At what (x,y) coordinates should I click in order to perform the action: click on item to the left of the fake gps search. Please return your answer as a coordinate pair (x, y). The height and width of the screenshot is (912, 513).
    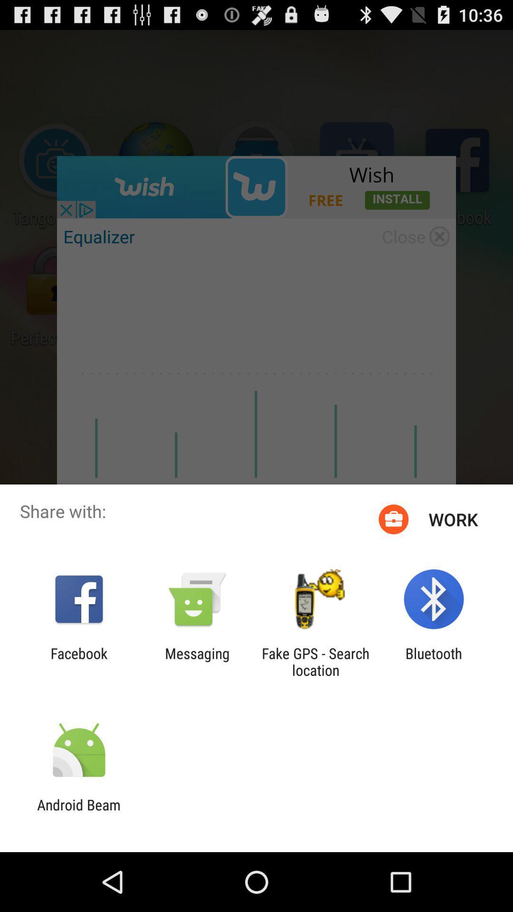
    Looking at the image, I should click on (197, 661).